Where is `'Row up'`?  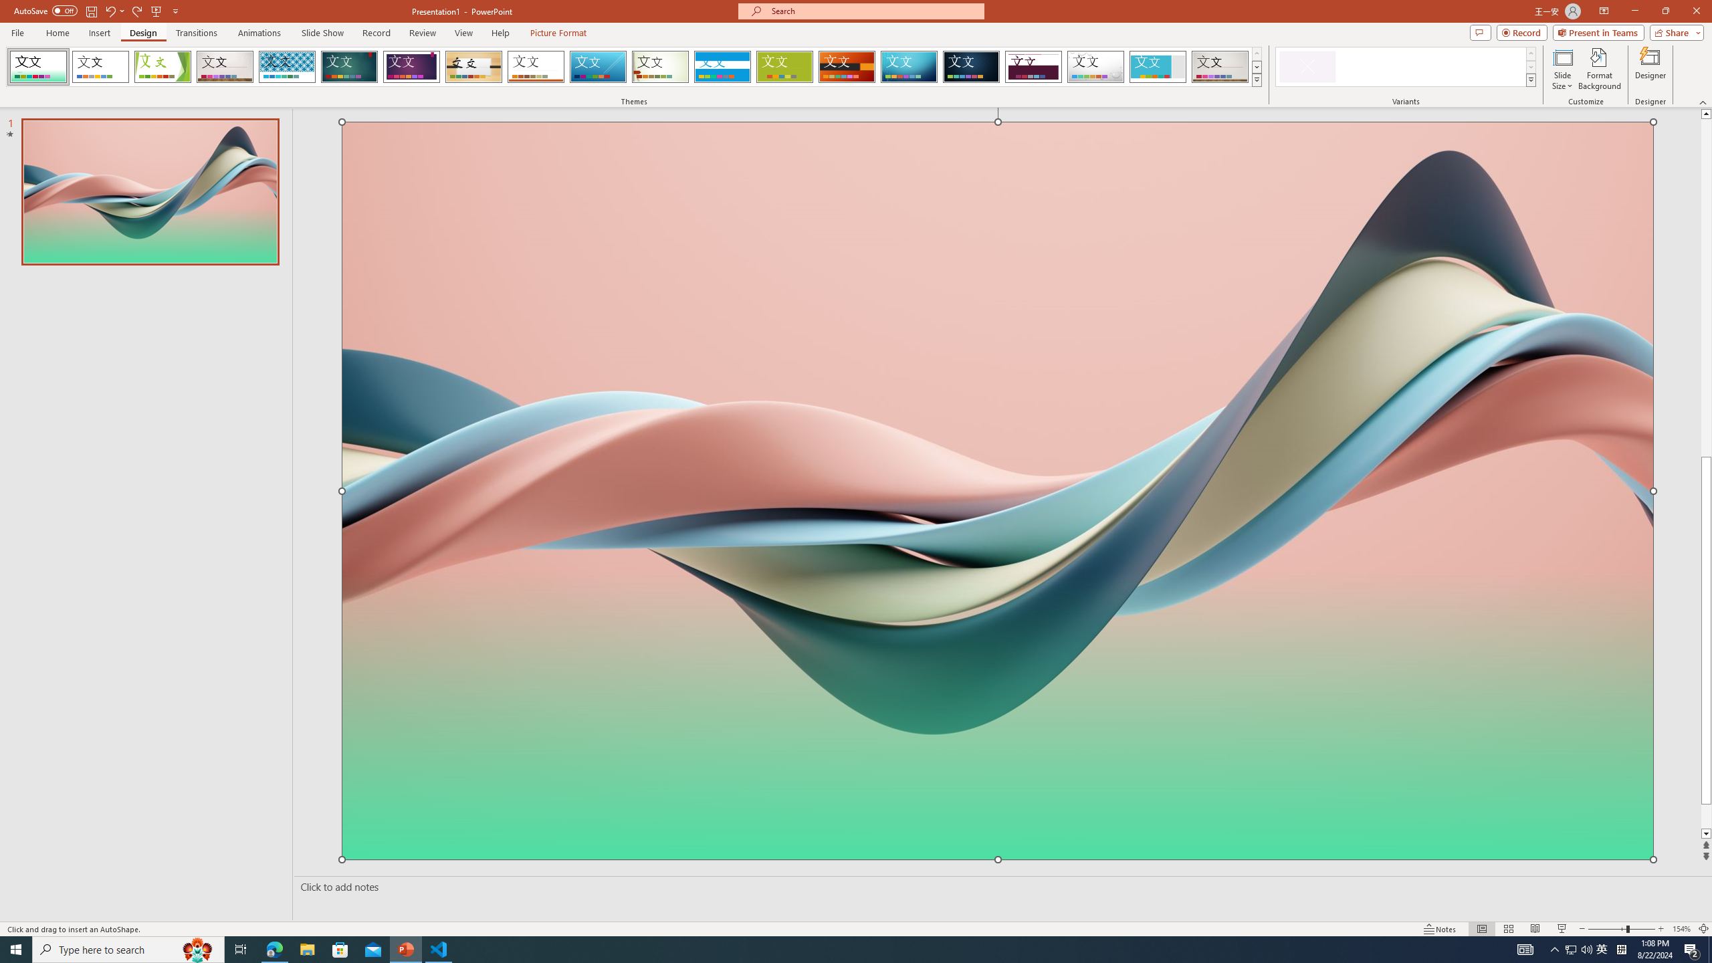 'Row up' is located at coordinates (1529, 53).